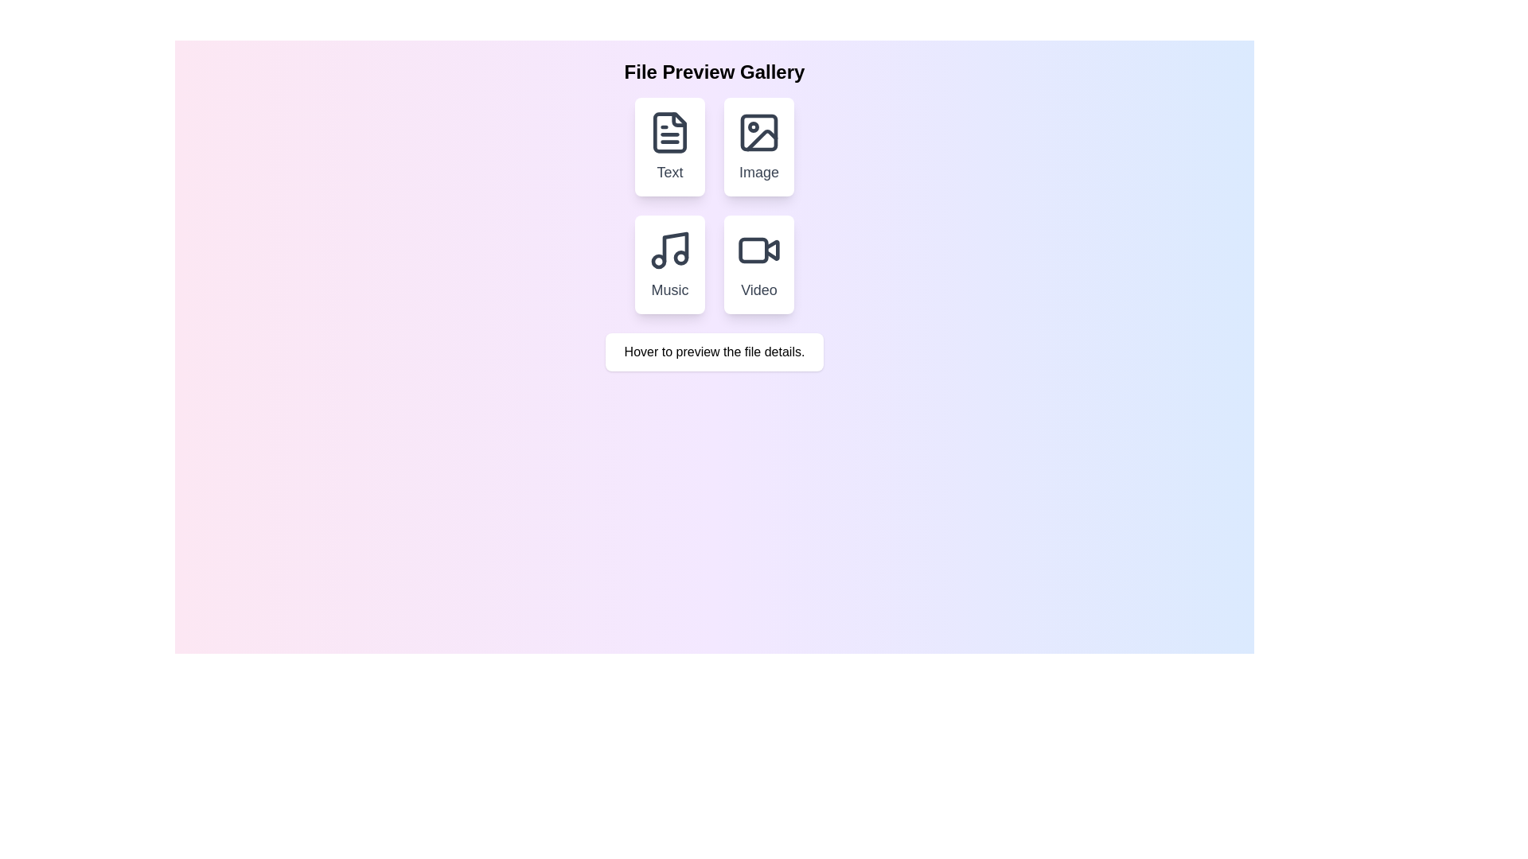 Image resolution: width=1528 pixels, height=859 pixels. What do you see at coordinates (758, 131) in the screenshot?
I see `the icon representing an image file located at the top of the 'Image' card in the second slot of the 2x2 grid layout` at bounding box center [758, 131].